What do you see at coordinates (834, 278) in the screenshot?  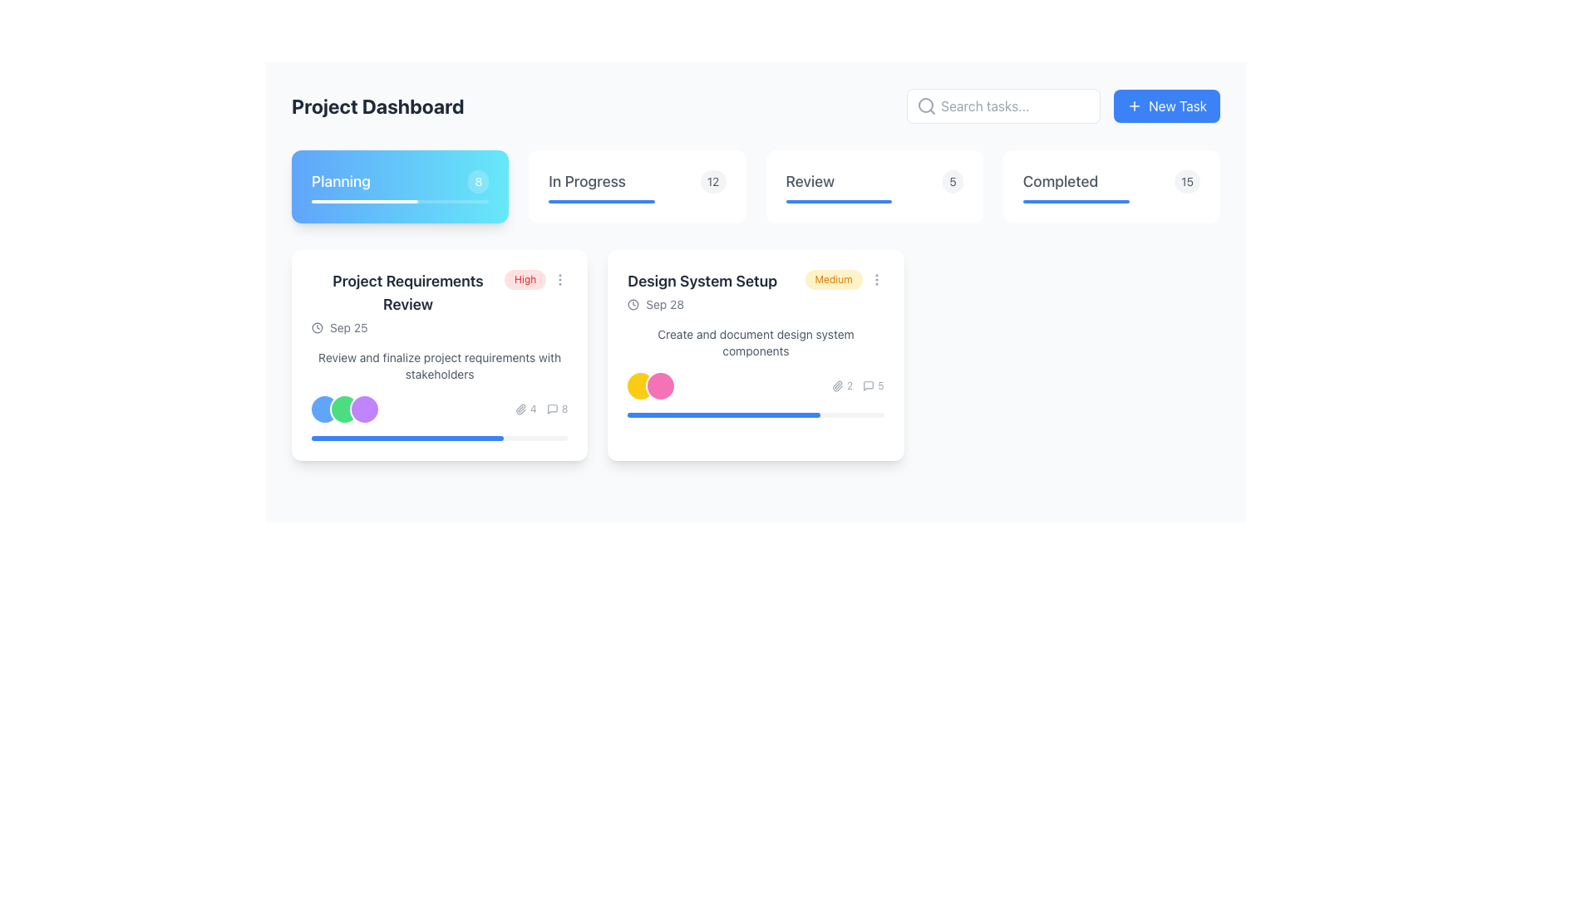 I see `the pill-shaped label containing the text 'Medium' with a light amber background, located at the top-right corner of the 'Design System Setup' card` at bounding box center [834, 278].